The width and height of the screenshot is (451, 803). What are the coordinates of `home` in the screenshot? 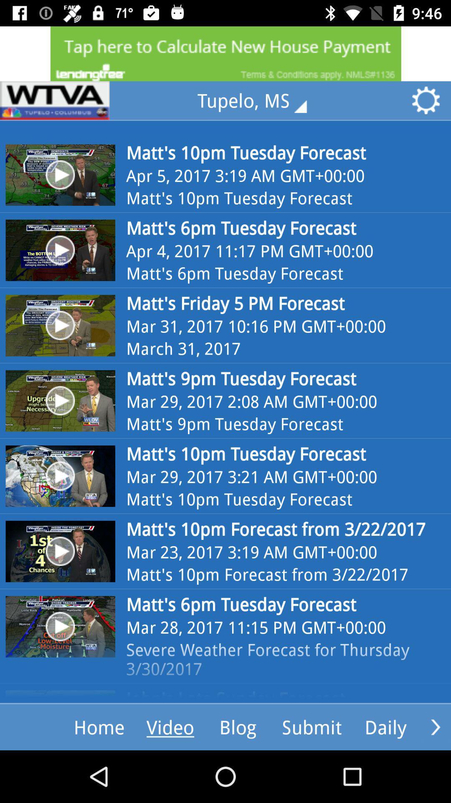 It's located at (55, 100).